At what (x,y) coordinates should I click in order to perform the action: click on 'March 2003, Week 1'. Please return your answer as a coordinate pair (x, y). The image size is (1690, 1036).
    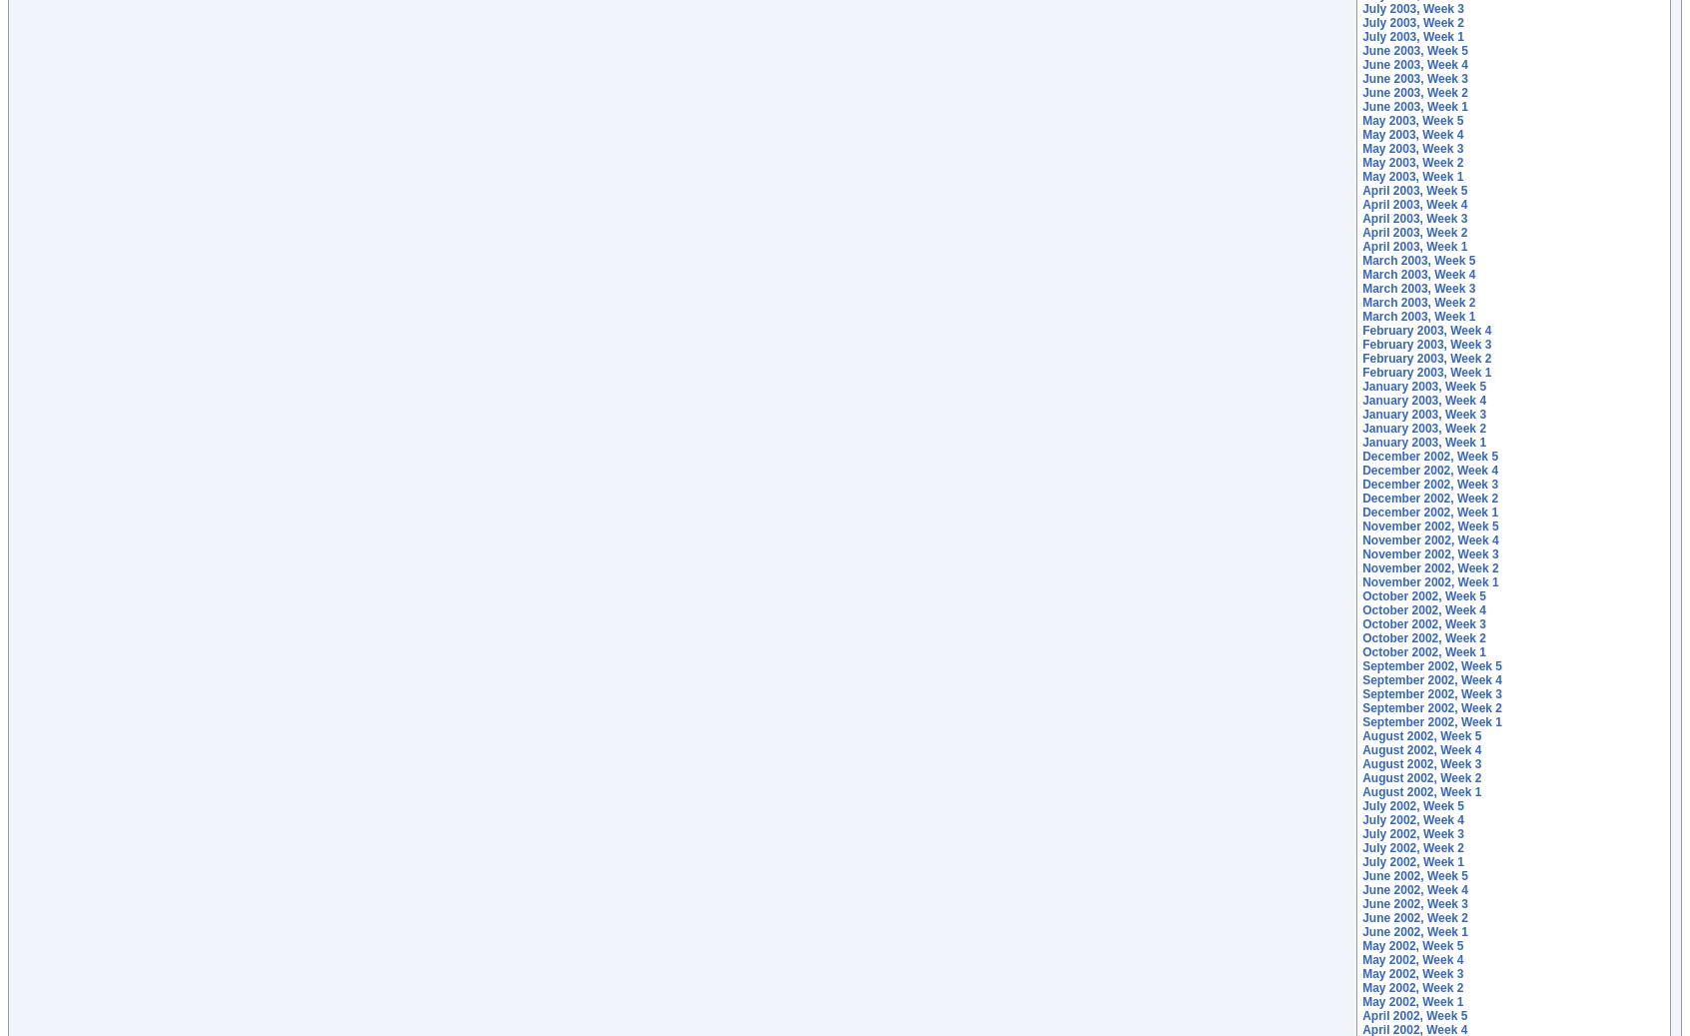
    Looking at the image, I should click on (1361, 316).